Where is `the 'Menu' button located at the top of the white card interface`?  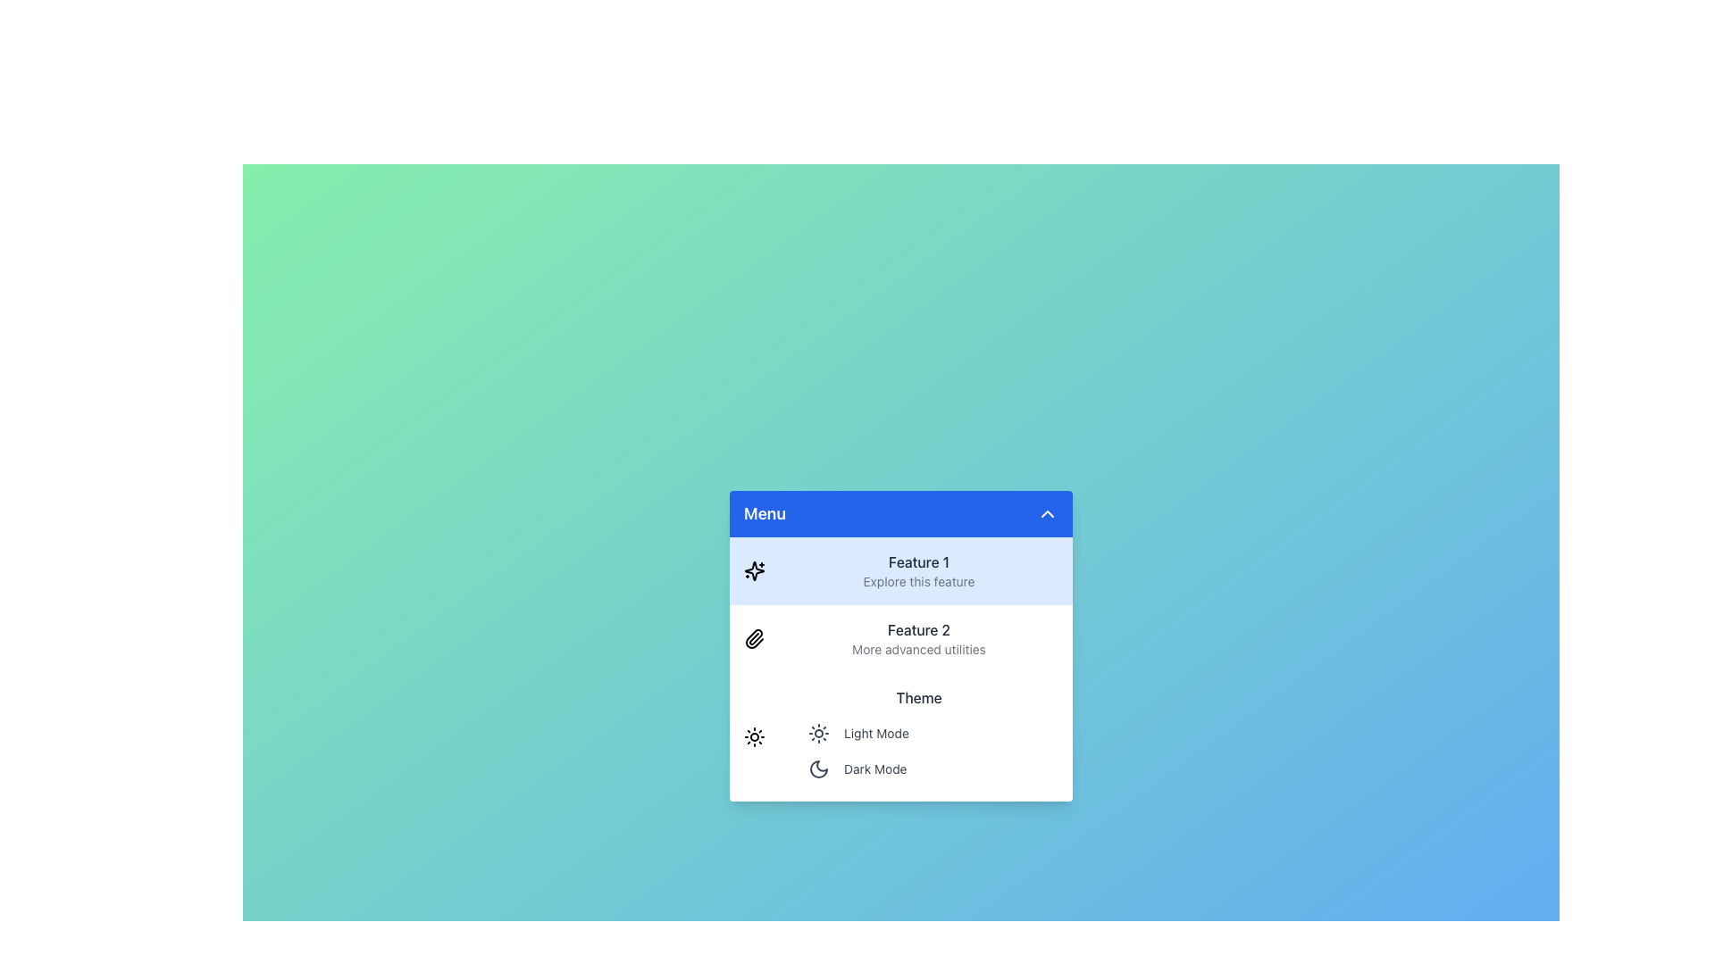
the 'Menu' button located at the top of the white card interface is located at coordinates (900, 513).